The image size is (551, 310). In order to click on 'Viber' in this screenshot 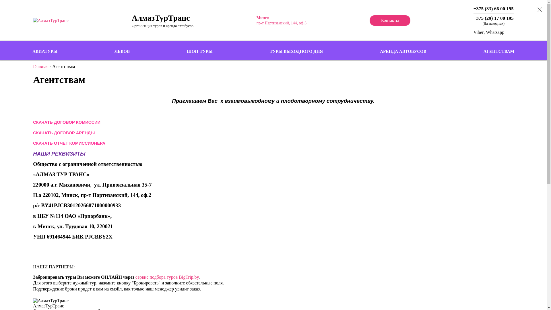, I will do `click(478, 32)`.